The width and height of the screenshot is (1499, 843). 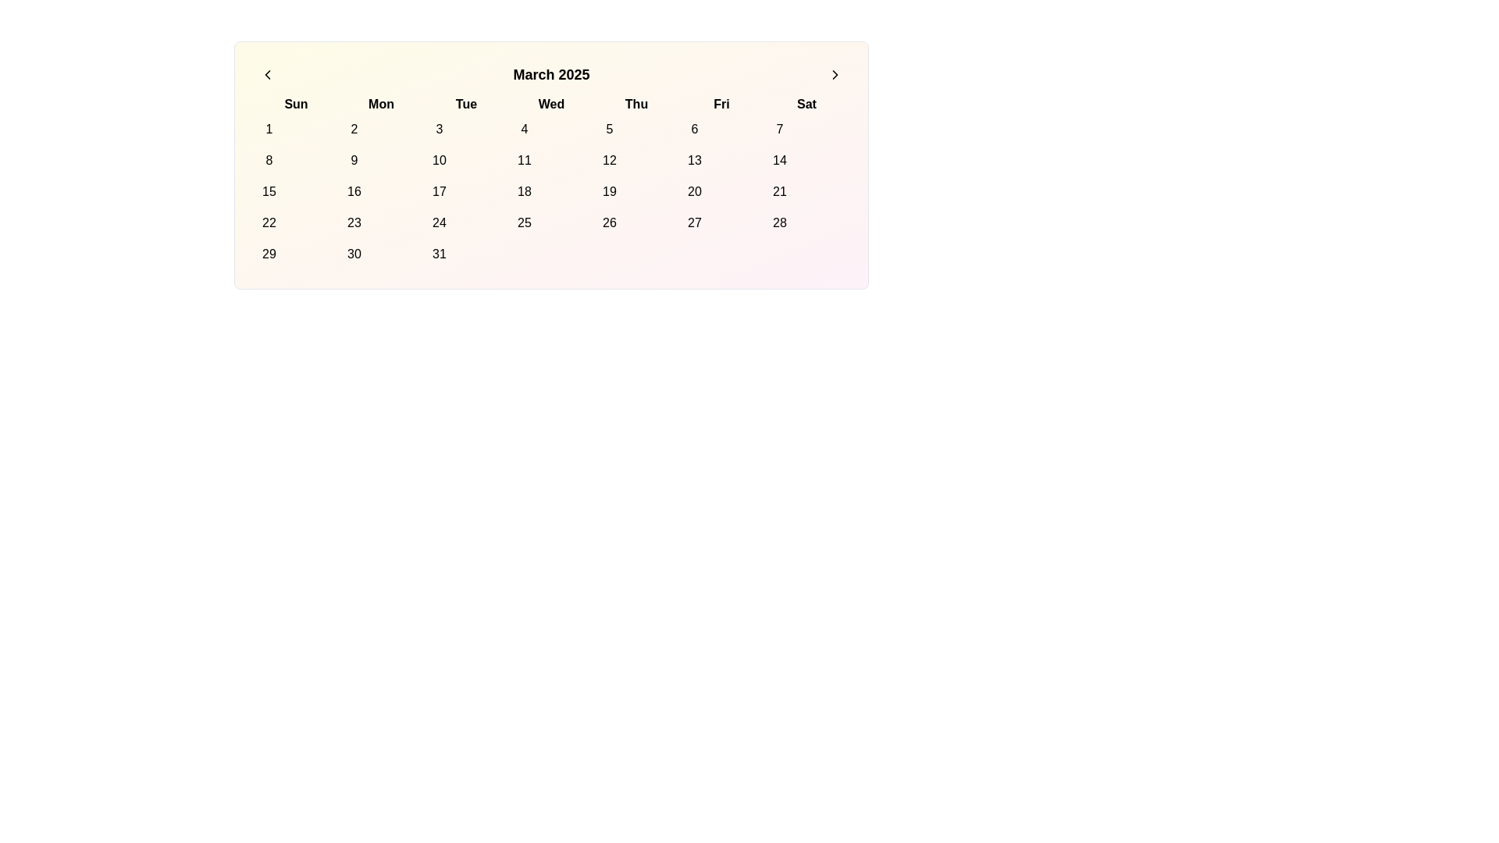 I want to click on the rounded button labeled '13' in the calendar grid, so click(x=693, y=160).